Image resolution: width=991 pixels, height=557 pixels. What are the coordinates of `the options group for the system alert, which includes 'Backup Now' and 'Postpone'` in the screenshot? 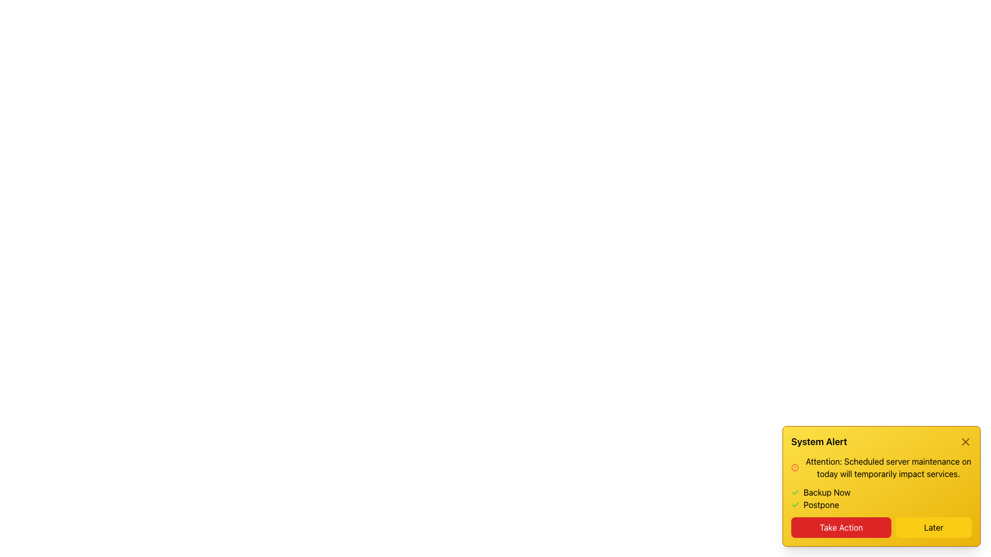 It's located at (881, 498).